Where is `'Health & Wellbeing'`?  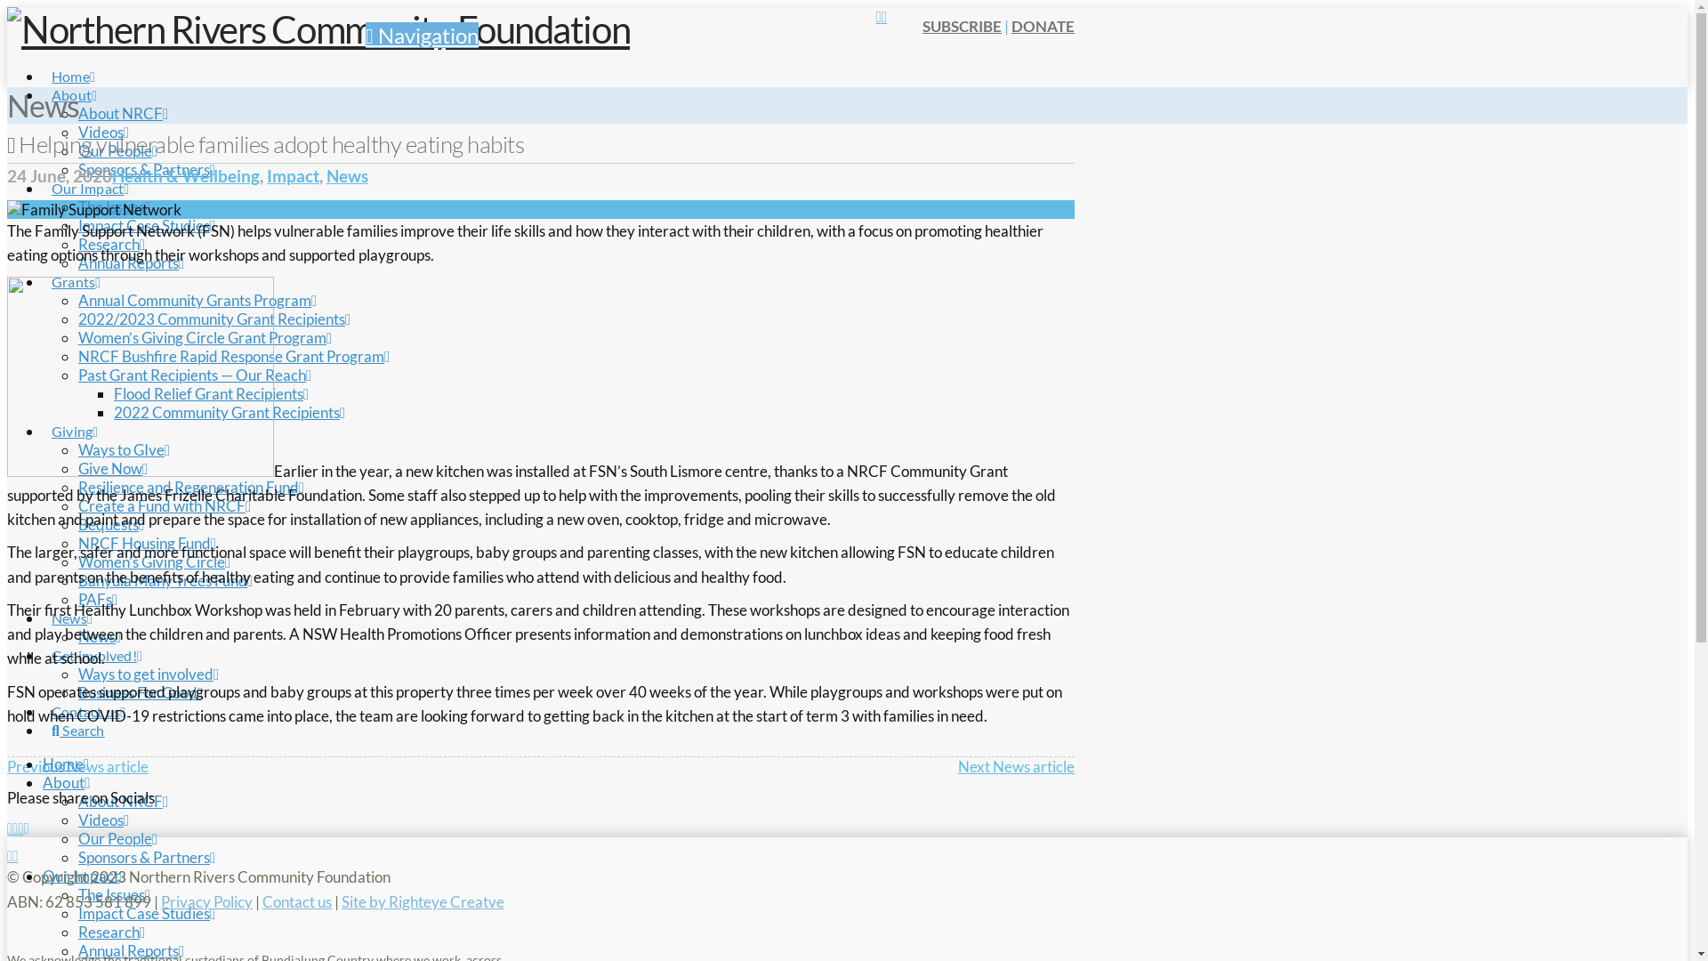
'Health & Wellbeing' is located at coordinates (186, 175).